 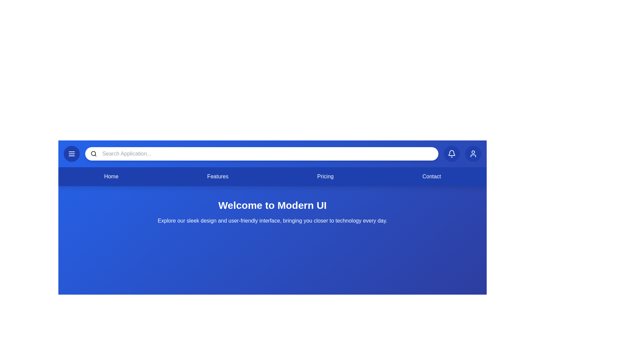 What do you see at coordinates (473, 154) in the screenshot?
I see `the user profile button to open account options` at bounding box center [473, 154].